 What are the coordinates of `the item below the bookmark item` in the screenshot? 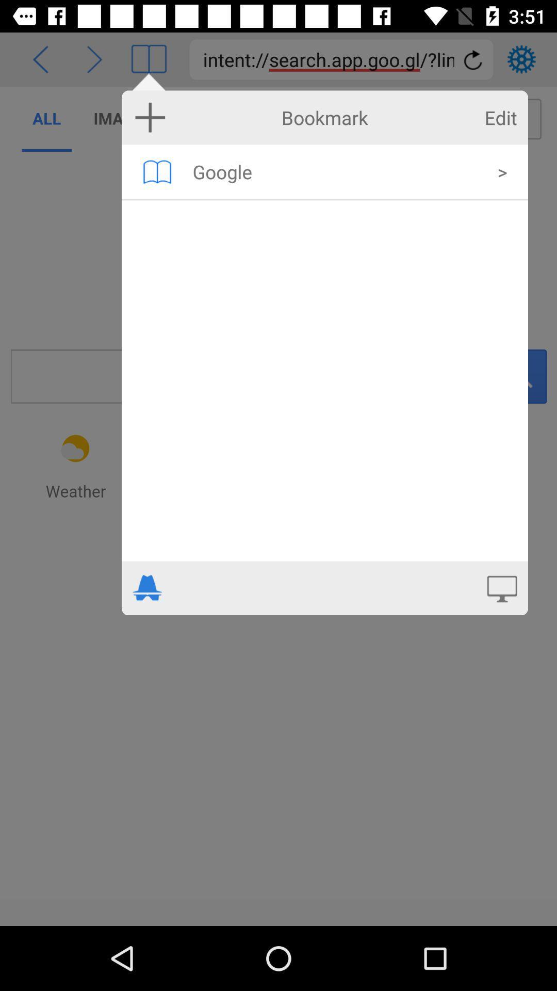 It's located at (338, 171).